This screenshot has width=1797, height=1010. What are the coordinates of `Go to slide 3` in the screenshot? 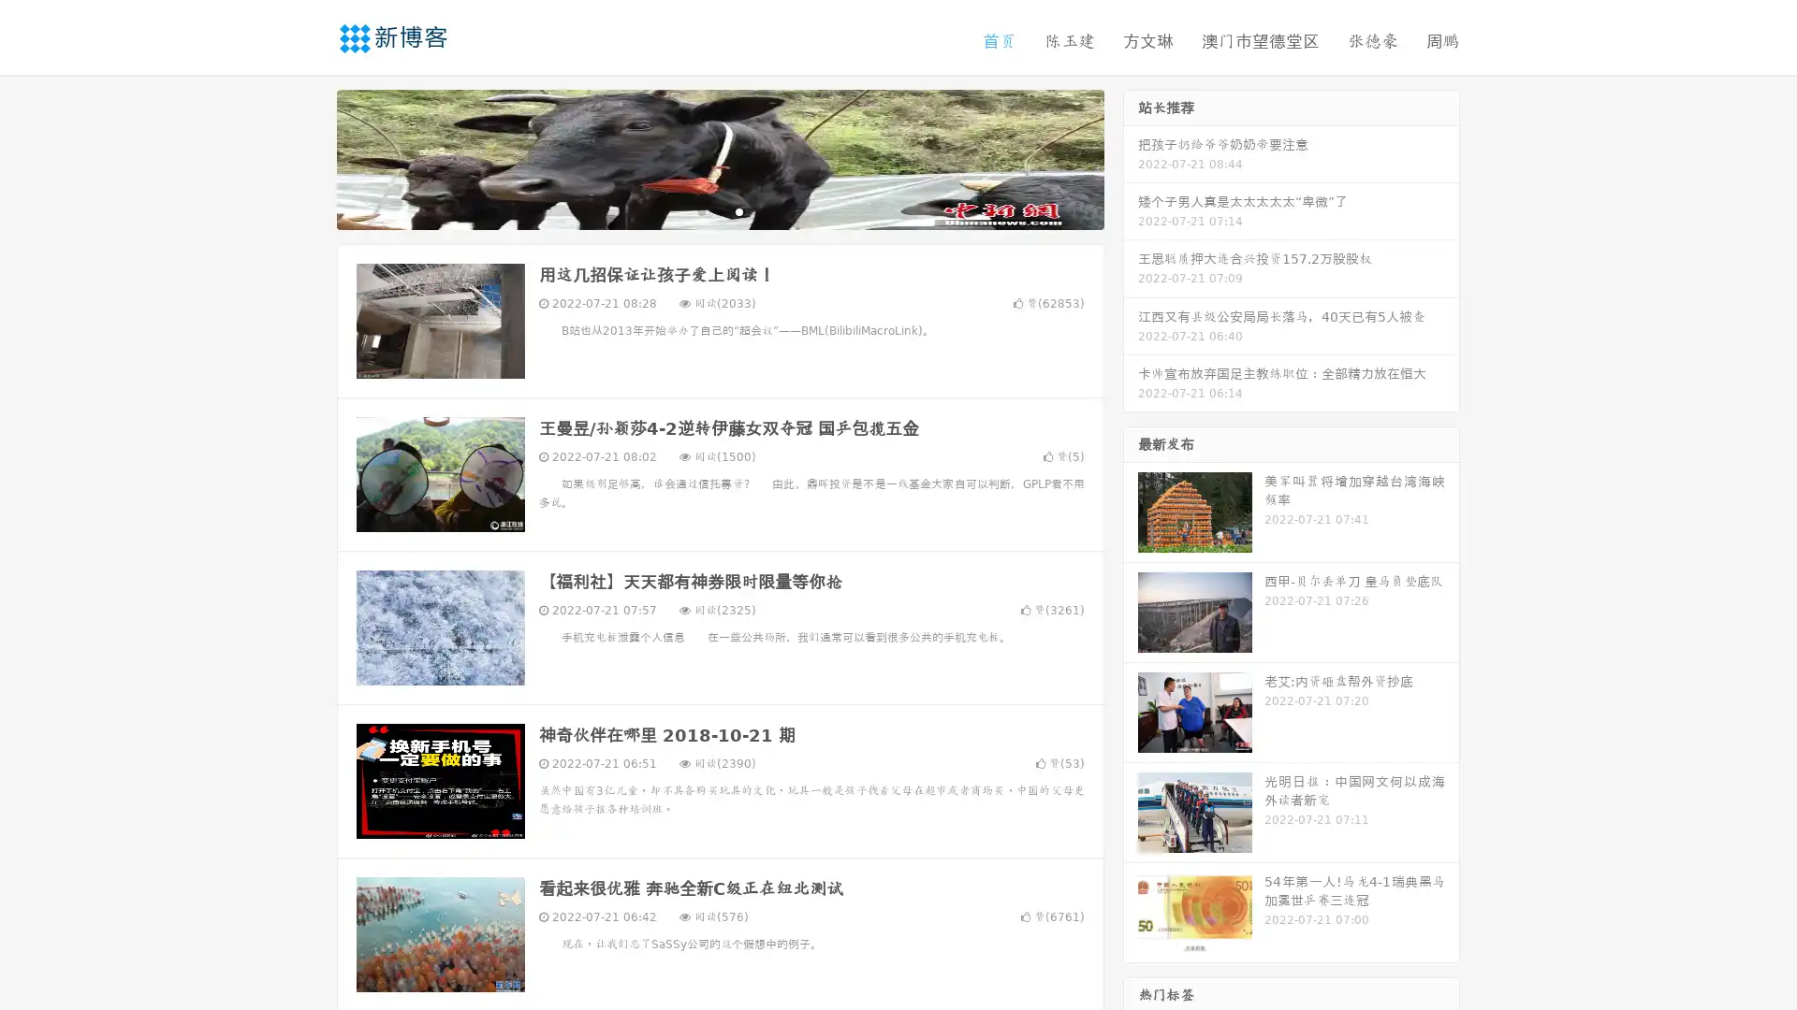 It's located at (738, 210).